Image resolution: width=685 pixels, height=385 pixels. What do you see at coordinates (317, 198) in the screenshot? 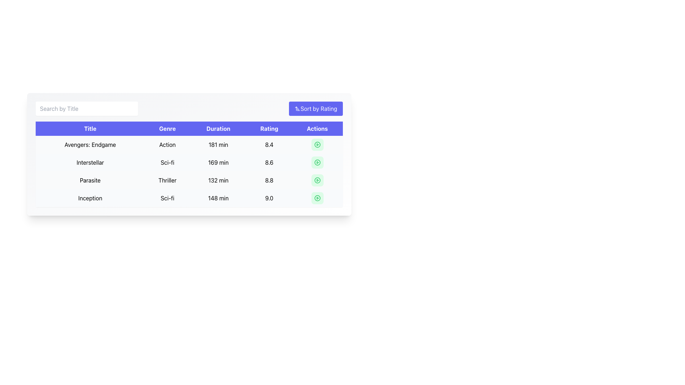
I see `the circular button with a light green background and green border, which features a green play-triangle icon` at bounding box center [317, 198].